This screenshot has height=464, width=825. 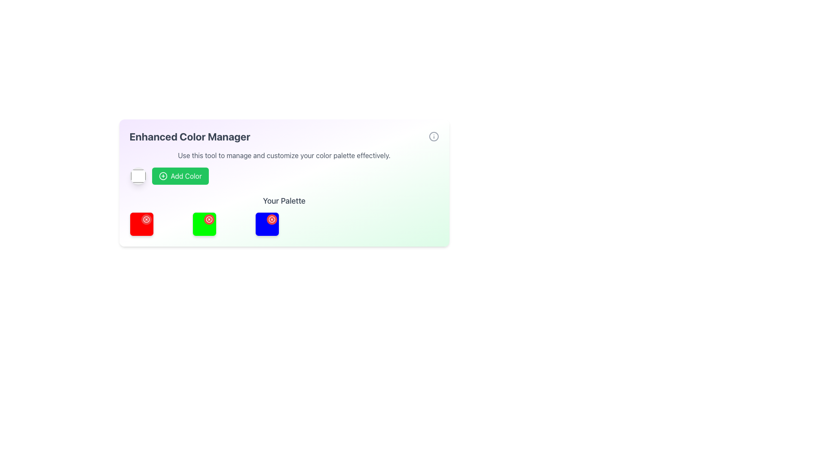 I want to click on the bright red interactive color block with rounded corners, so click(x=141, y=223).